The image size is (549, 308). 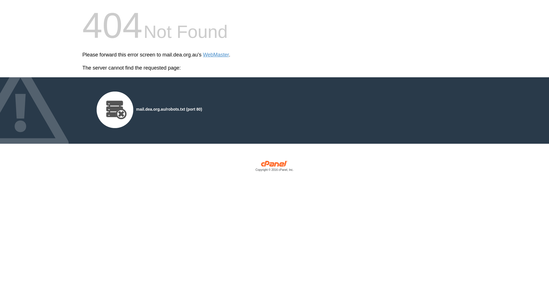 I want to click on 'WebMaster', so click(x=216, y=55).